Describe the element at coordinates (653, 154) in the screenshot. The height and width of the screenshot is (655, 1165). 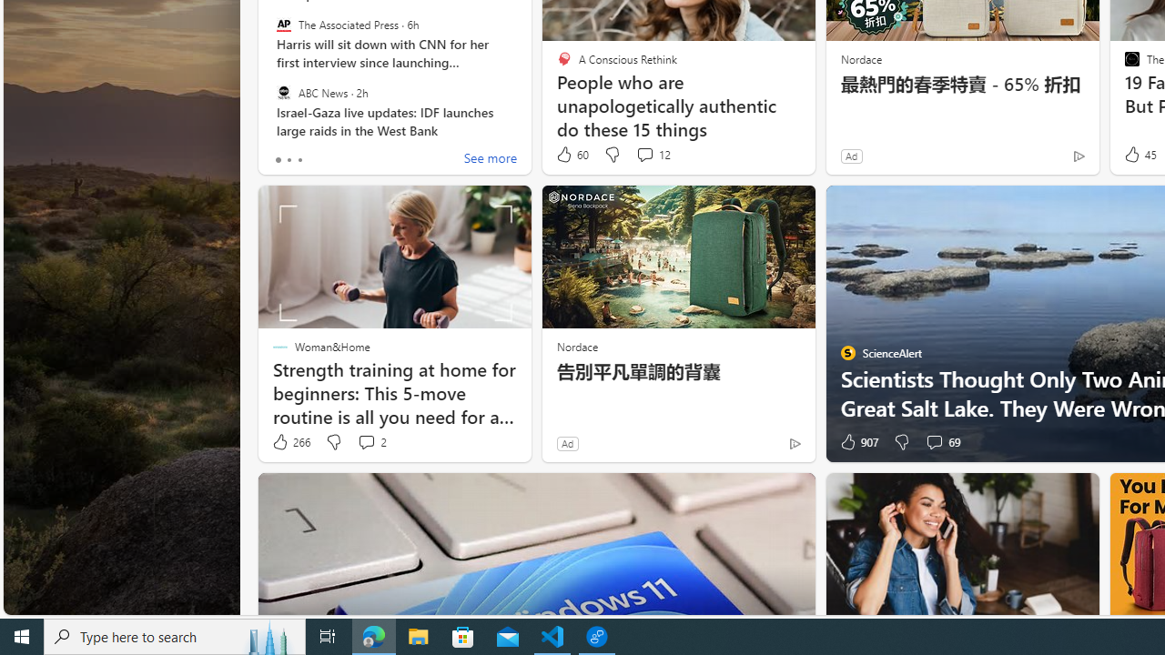
I see `'View comments 12 Comment'` at that location.